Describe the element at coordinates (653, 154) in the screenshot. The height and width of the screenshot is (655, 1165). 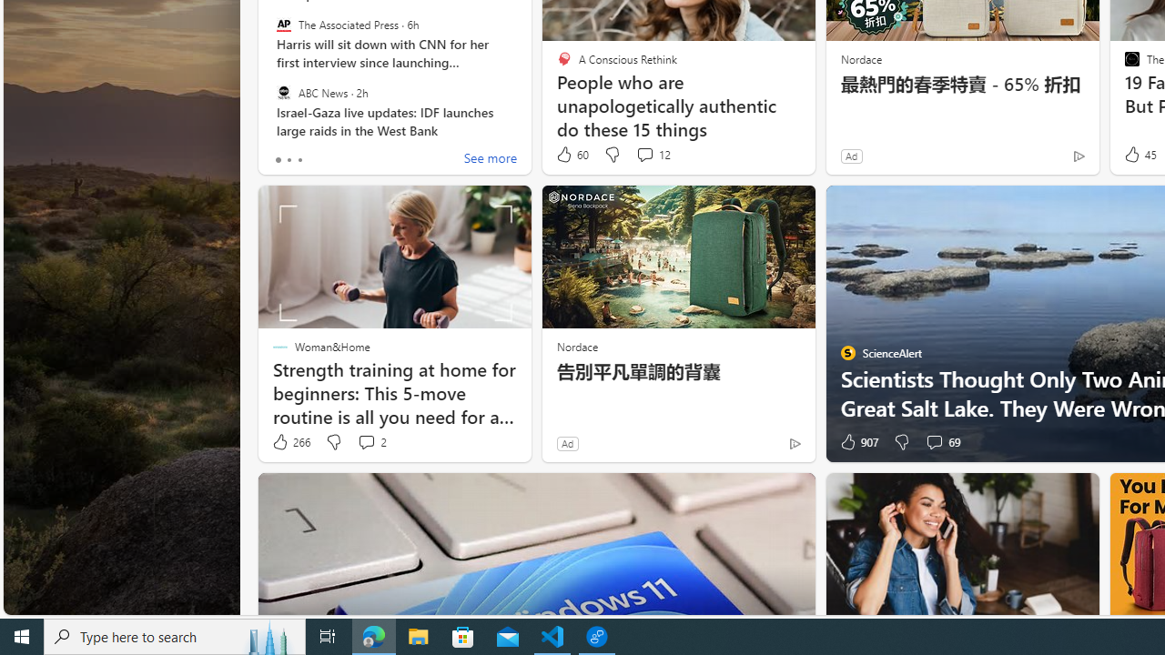
I see `'View comments 12 Comment'` at that location.